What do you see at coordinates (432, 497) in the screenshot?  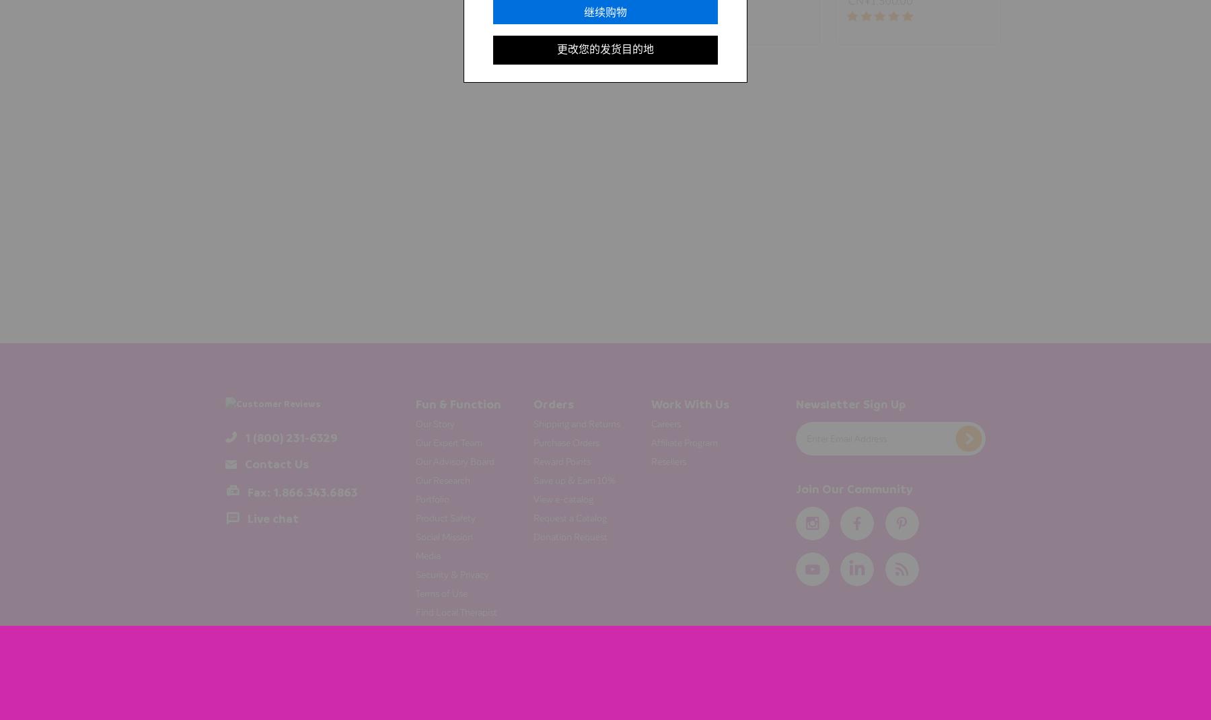 I see `'Portfolio'` at bounding box center [432, 497].